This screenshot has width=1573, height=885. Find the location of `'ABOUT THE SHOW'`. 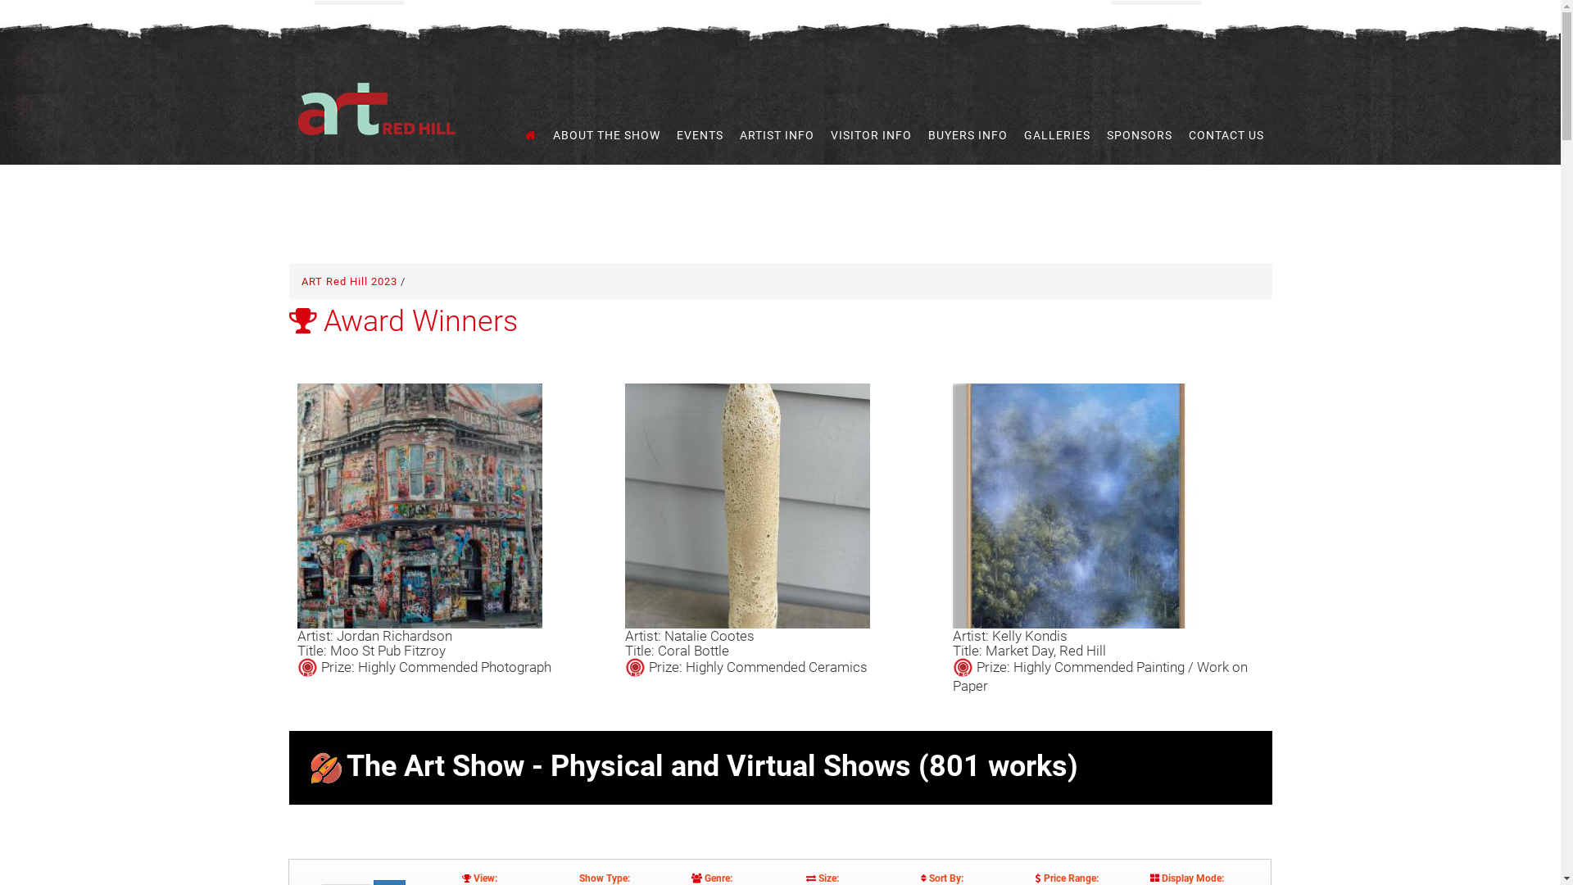

'ABOUT THE SHOW' is located at coordinates (605, 134).